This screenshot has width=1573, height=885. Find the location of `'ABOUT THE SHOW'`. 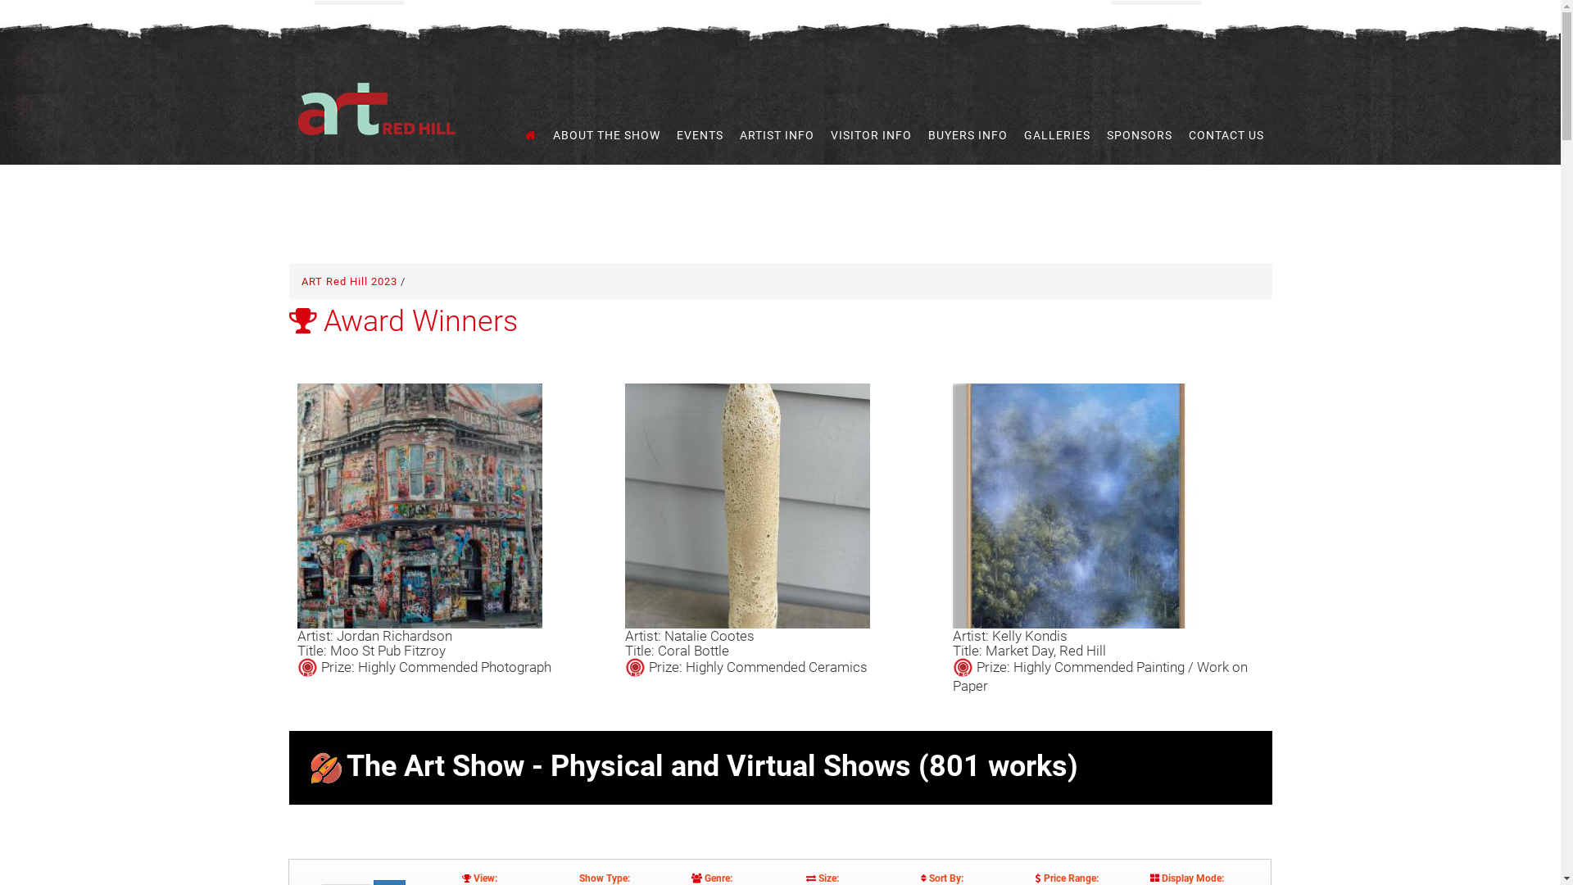

'ABOUT THE SHOW' is located at coordinates (605, 134).